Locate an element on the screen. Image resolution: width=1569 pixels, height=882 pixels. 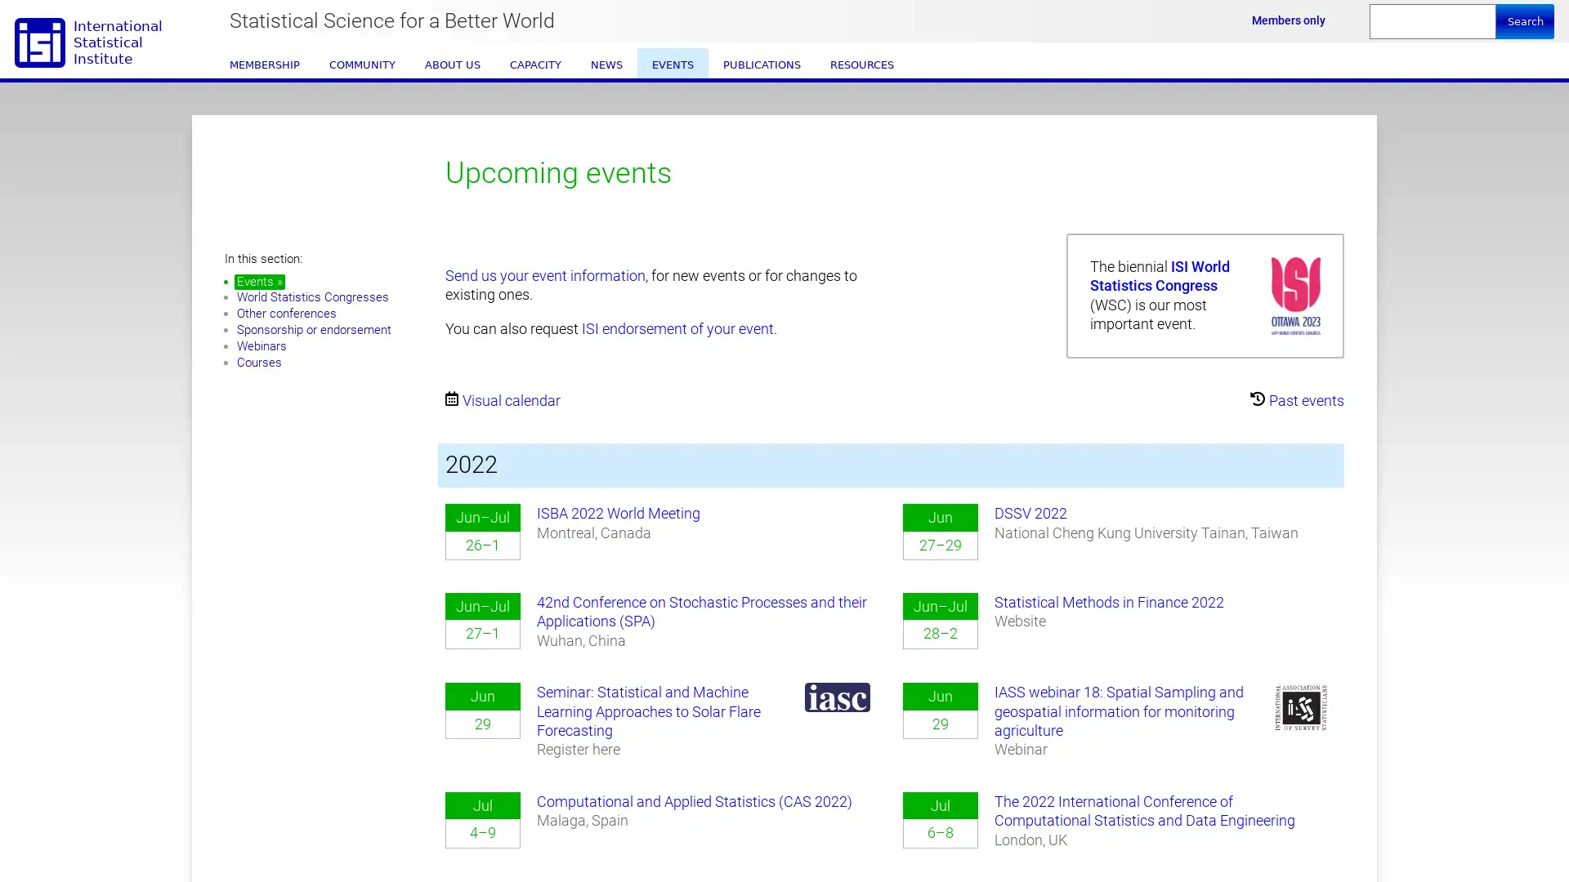
Search is located at coordinates (1524, 21).